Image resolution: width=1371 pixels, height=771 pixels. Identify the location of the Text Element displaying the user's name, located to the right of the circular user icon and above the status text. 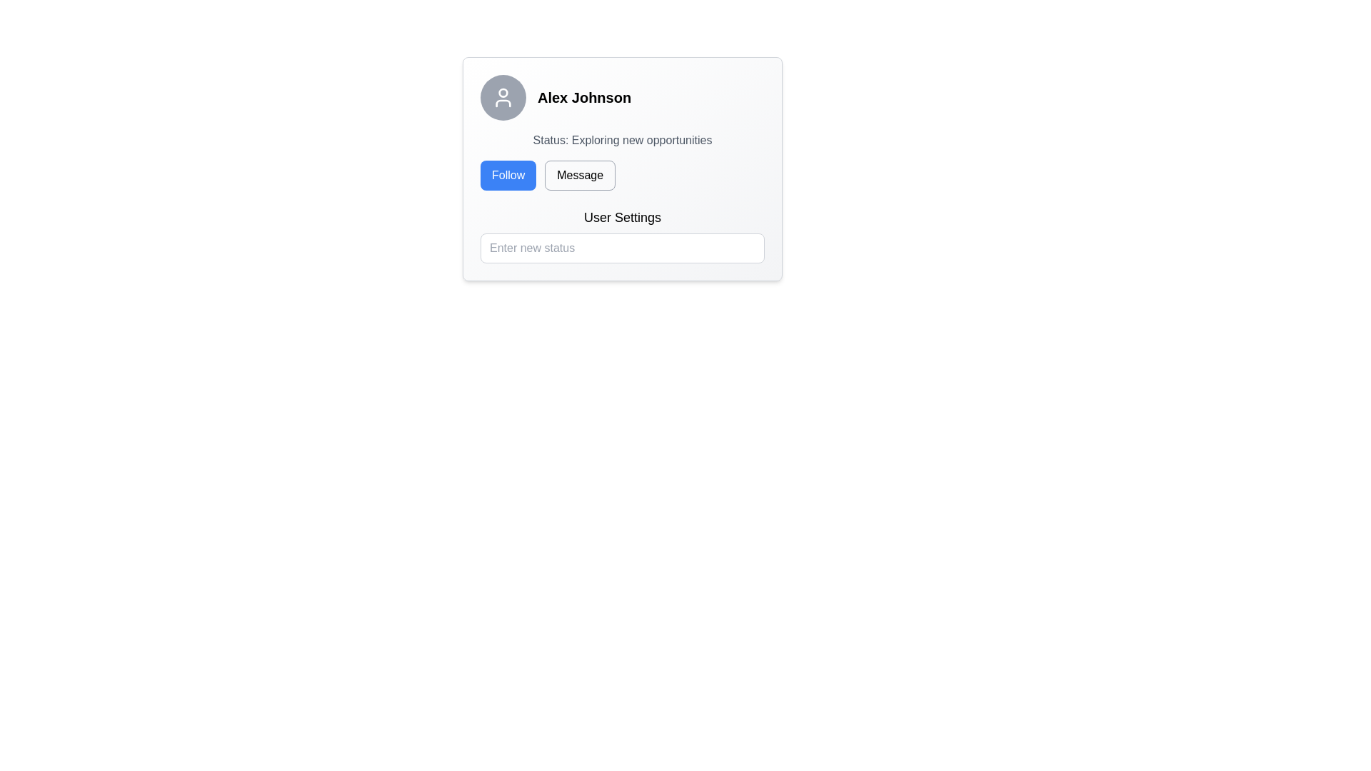
(584, 97).